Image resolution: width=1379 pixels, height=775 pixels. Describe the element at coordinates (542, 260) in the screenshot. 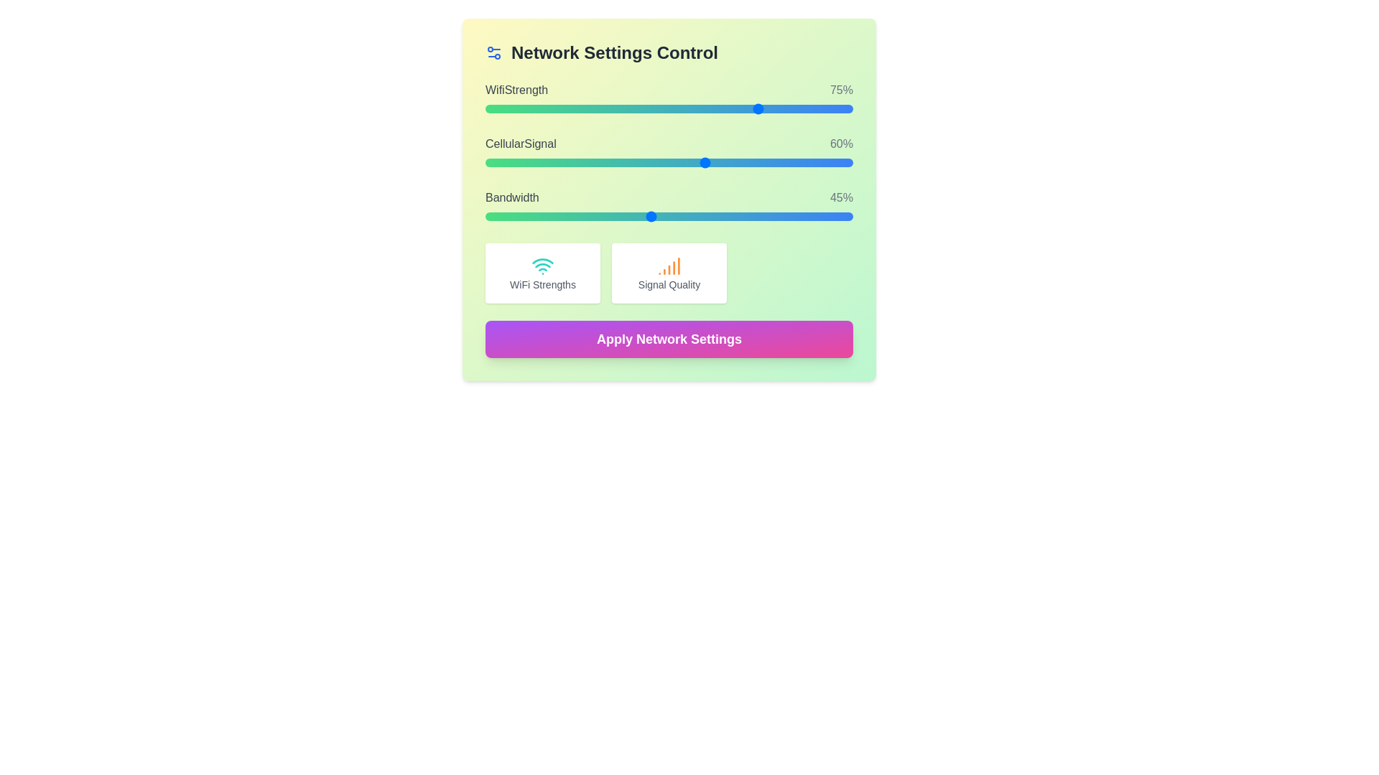

I see `the second arc of the Wi-Fi signal icon, which indicates signal strength, located above the text 'WiFi Strengths'` at that location.